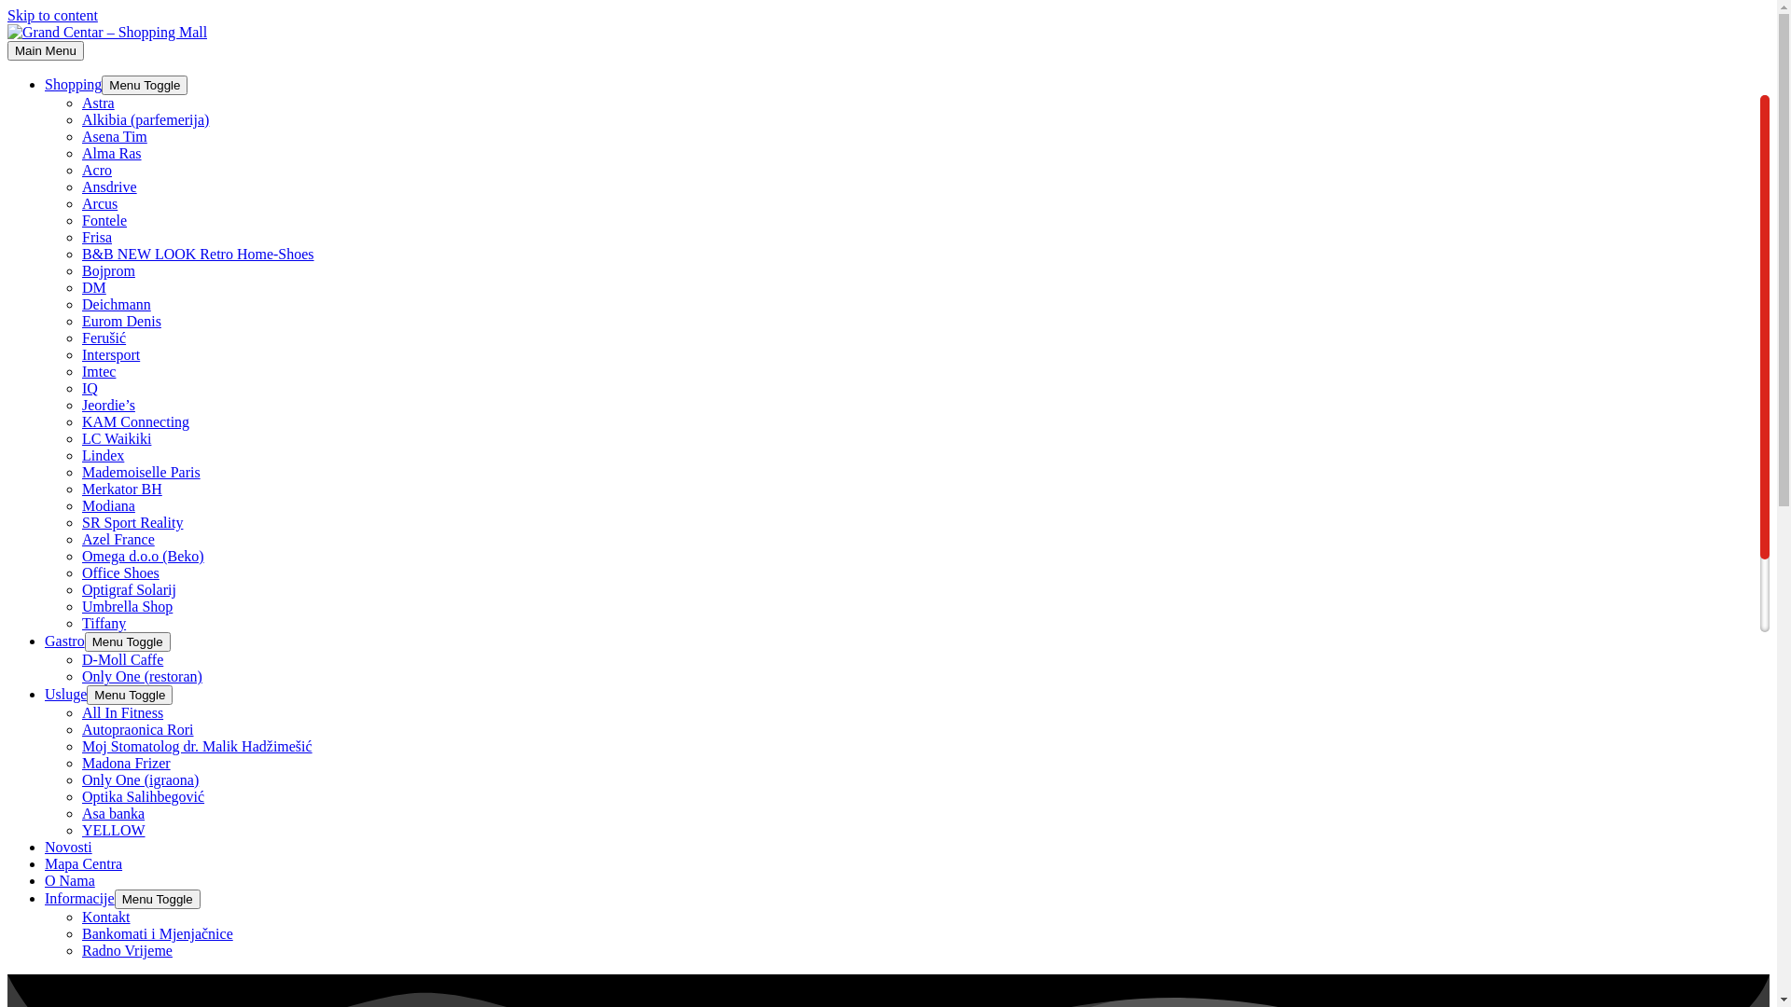 The image size is (1791, 1007). I want to click on 'Usluge', so click(65, 694).